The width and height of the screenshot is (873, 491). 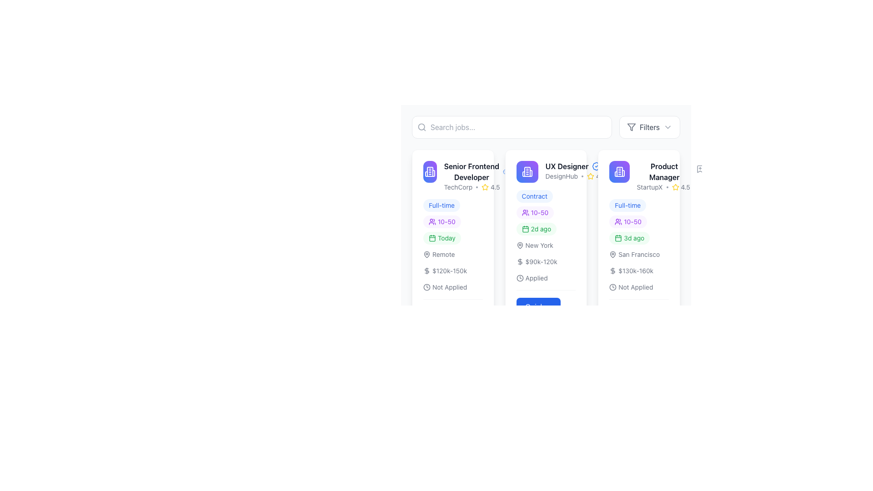 I want to click on the text label displaying 'TechCorp', which is styled in a small gray font and positioned within the job card for 'Senior Frontend Developer', so click(x=458, y=187).